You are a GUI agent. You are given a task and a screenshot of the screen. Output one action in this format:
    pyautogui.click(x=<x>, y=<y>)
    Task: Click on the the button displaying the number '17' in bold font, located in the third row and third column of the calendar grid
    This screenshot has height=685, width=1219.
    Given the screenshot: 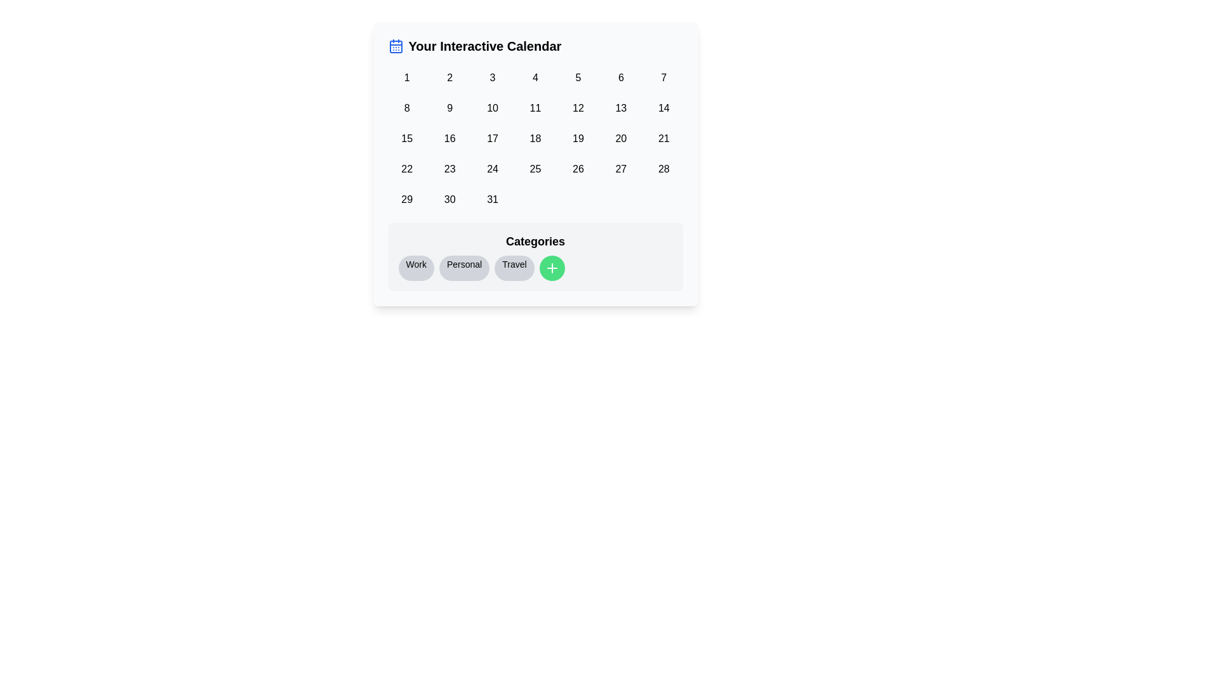 What is the action you would take?
    pyautogui.click(x=492, y=139)
    